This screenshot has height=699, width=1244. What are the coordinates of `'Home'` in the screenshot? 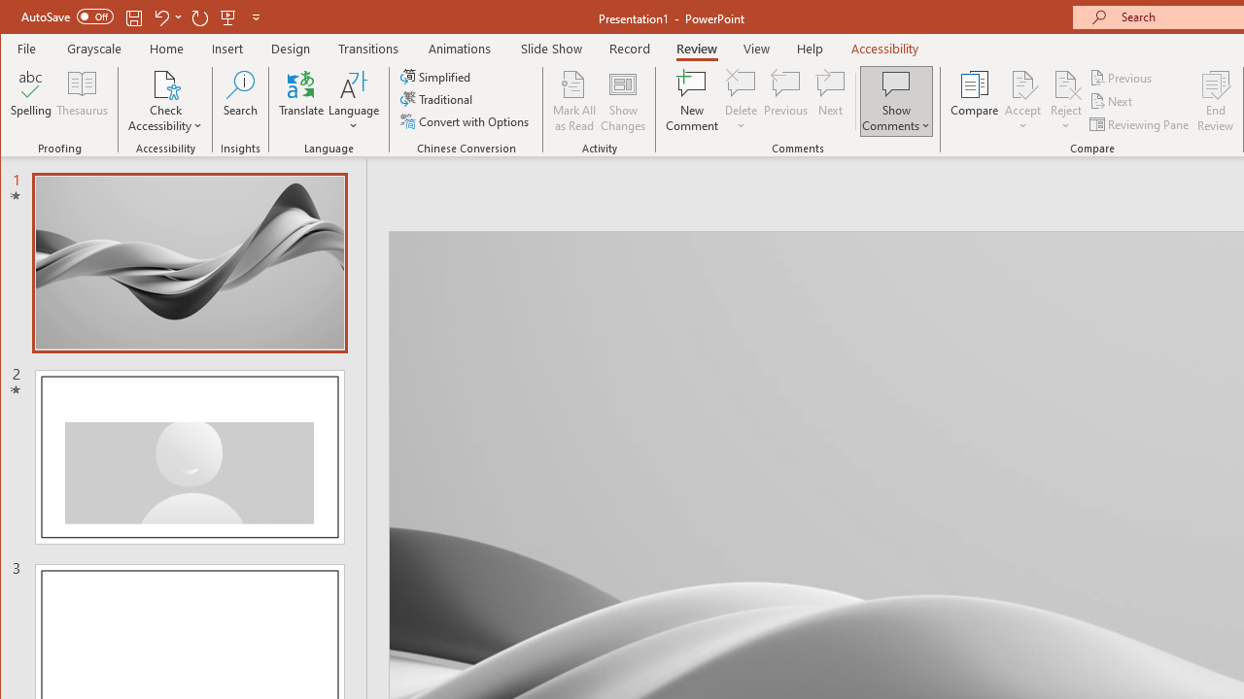 It's located at (166, 48).